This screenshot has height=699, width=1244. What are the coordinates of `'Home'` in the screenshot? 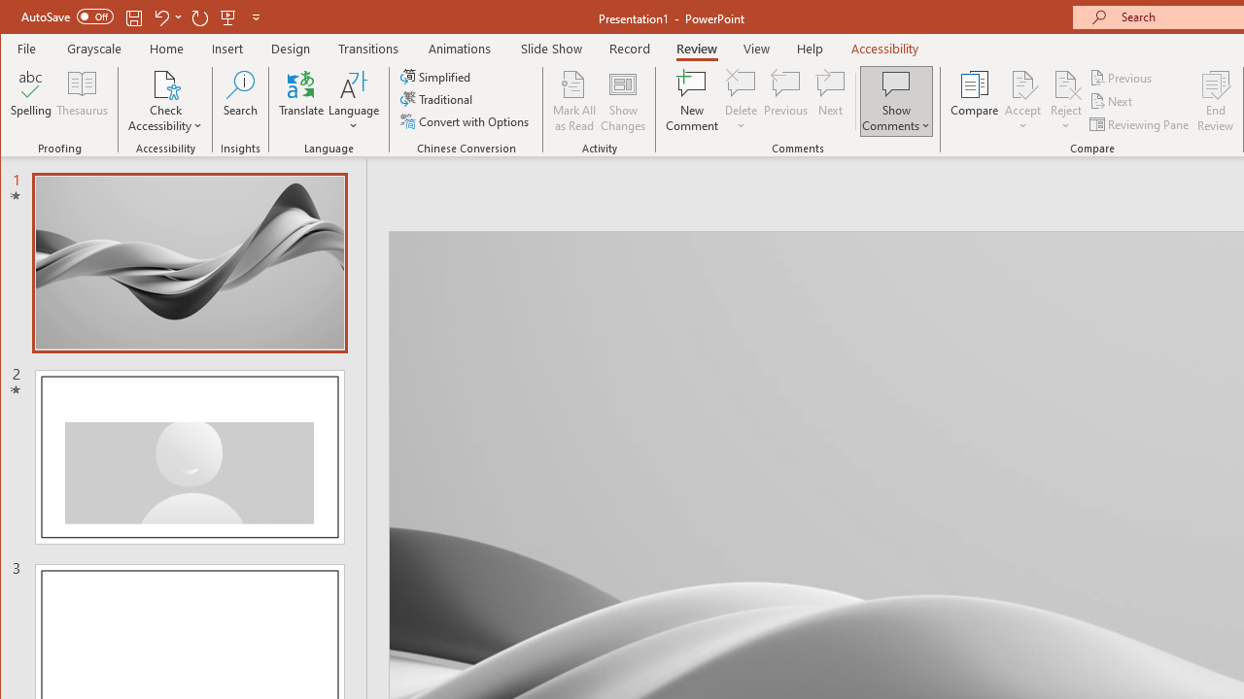 It's located at (166, 48).